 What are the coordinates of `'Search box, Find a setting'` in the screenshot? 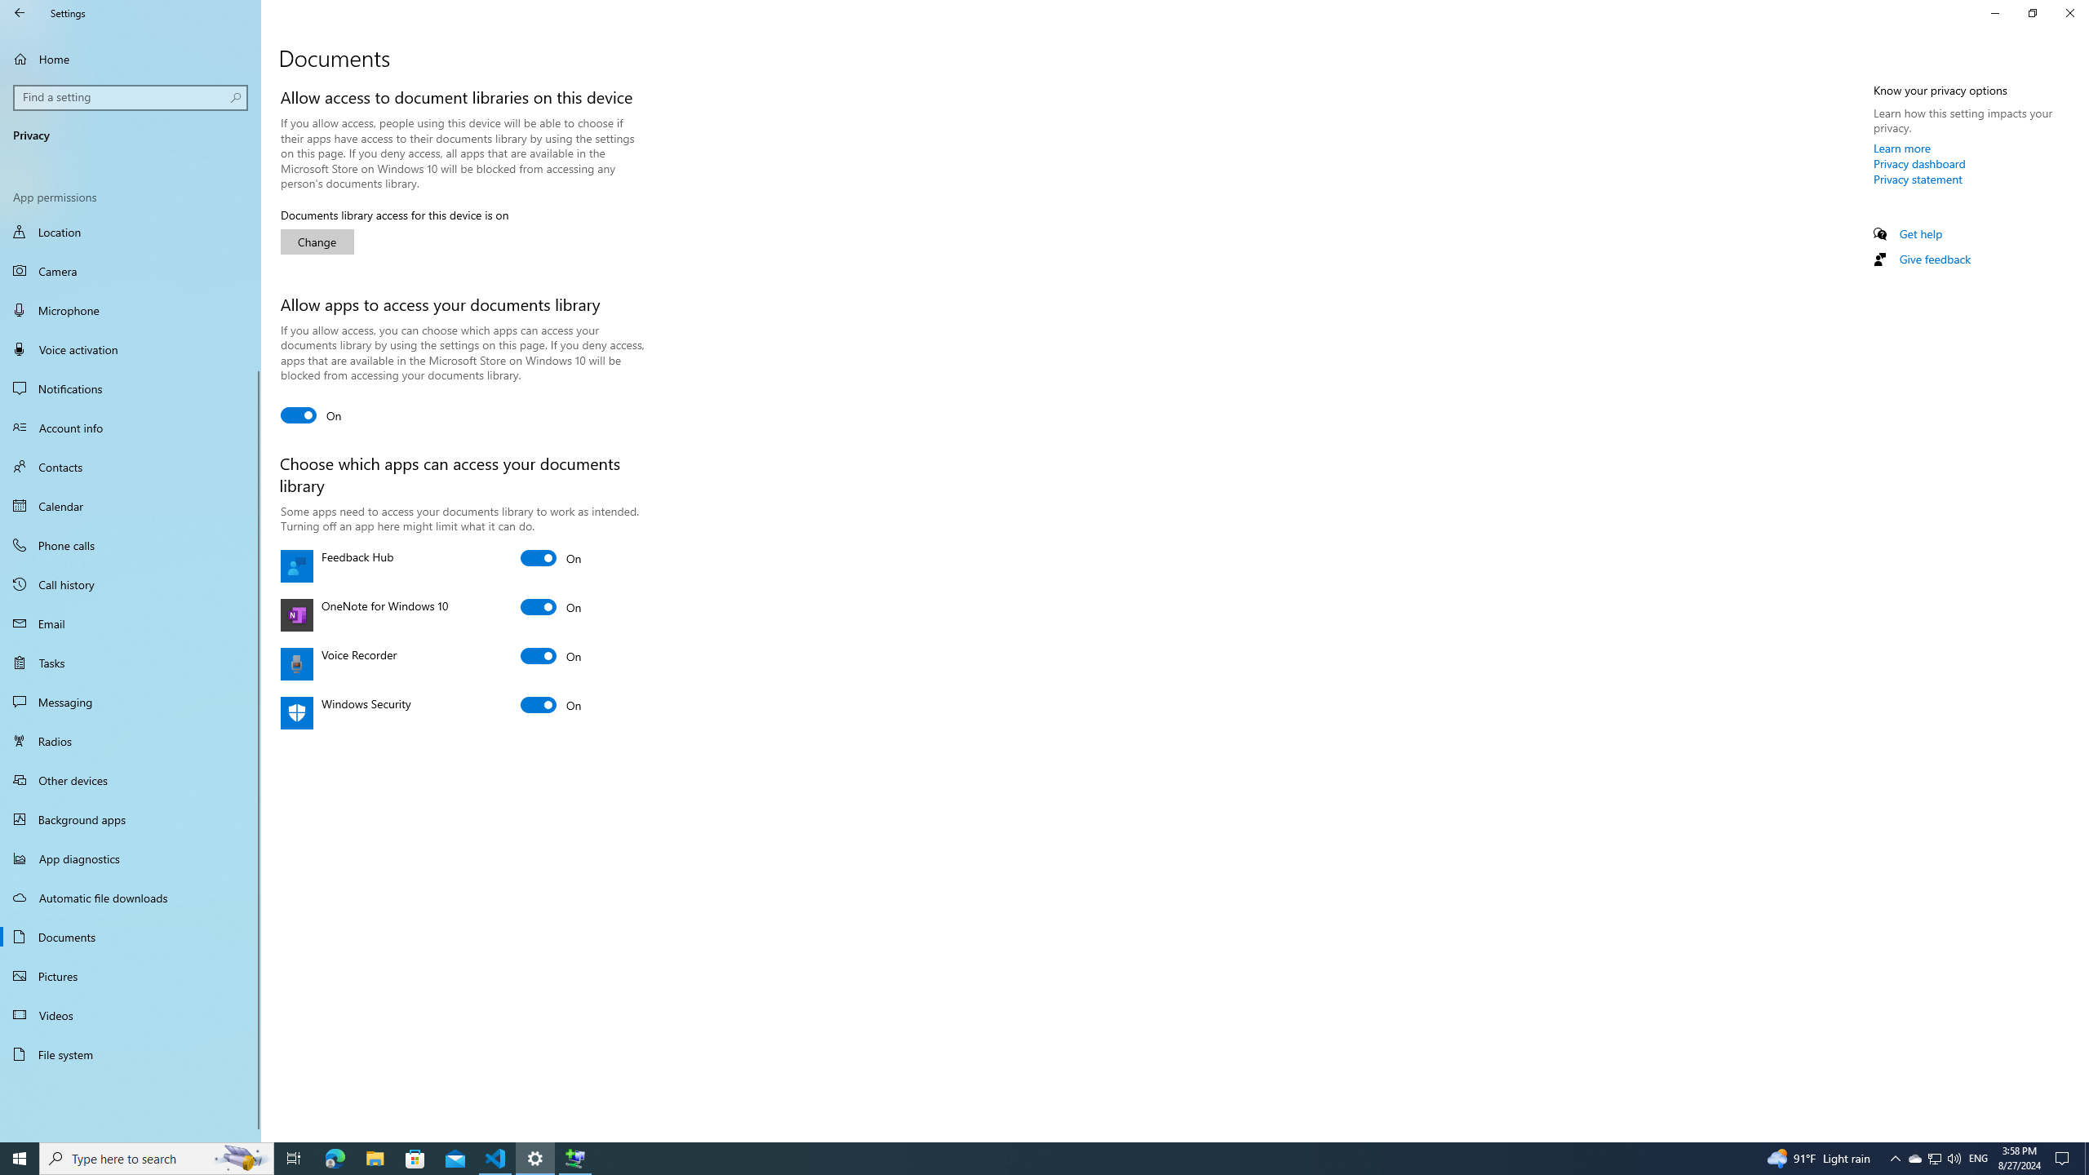 It's located at (131, 96).